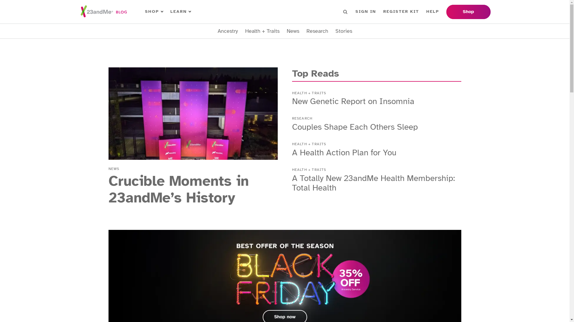 This screenshot has height=322, width=574. I want to click on 'Couples Shape Each Others Sleep', so click(355, 126).